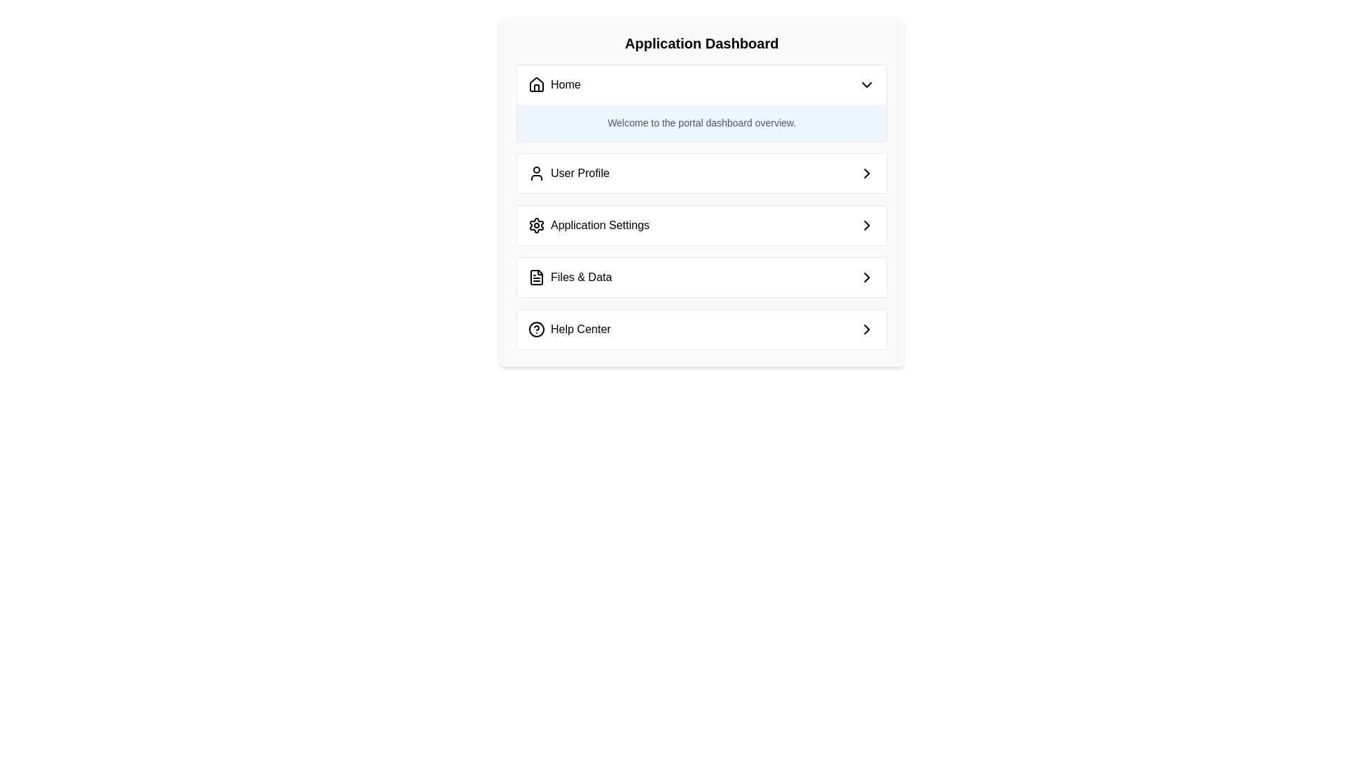 This screenshot has height=759, width=1349. Describe the element at coordinates (535, 330) in the screenshot. I see `the assistance-related icon located to the left of the 'Help Center' text label` at that location.